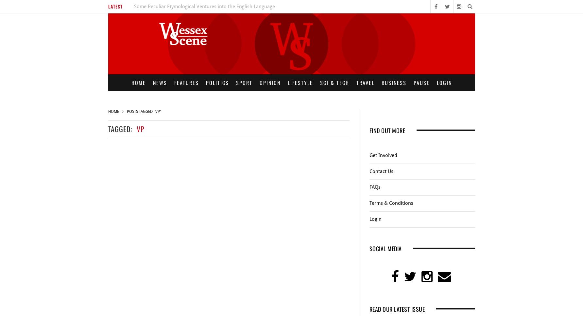  What do you see at coordinates (186, 82) in the screenshot?
I see `'Features'` at bounding box center [186, 82].